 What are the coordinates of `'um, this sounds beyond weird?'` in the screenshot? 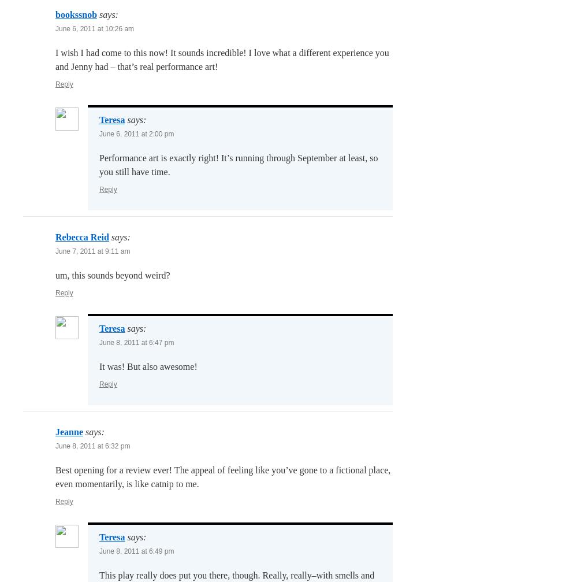 It's located at (55, 275).